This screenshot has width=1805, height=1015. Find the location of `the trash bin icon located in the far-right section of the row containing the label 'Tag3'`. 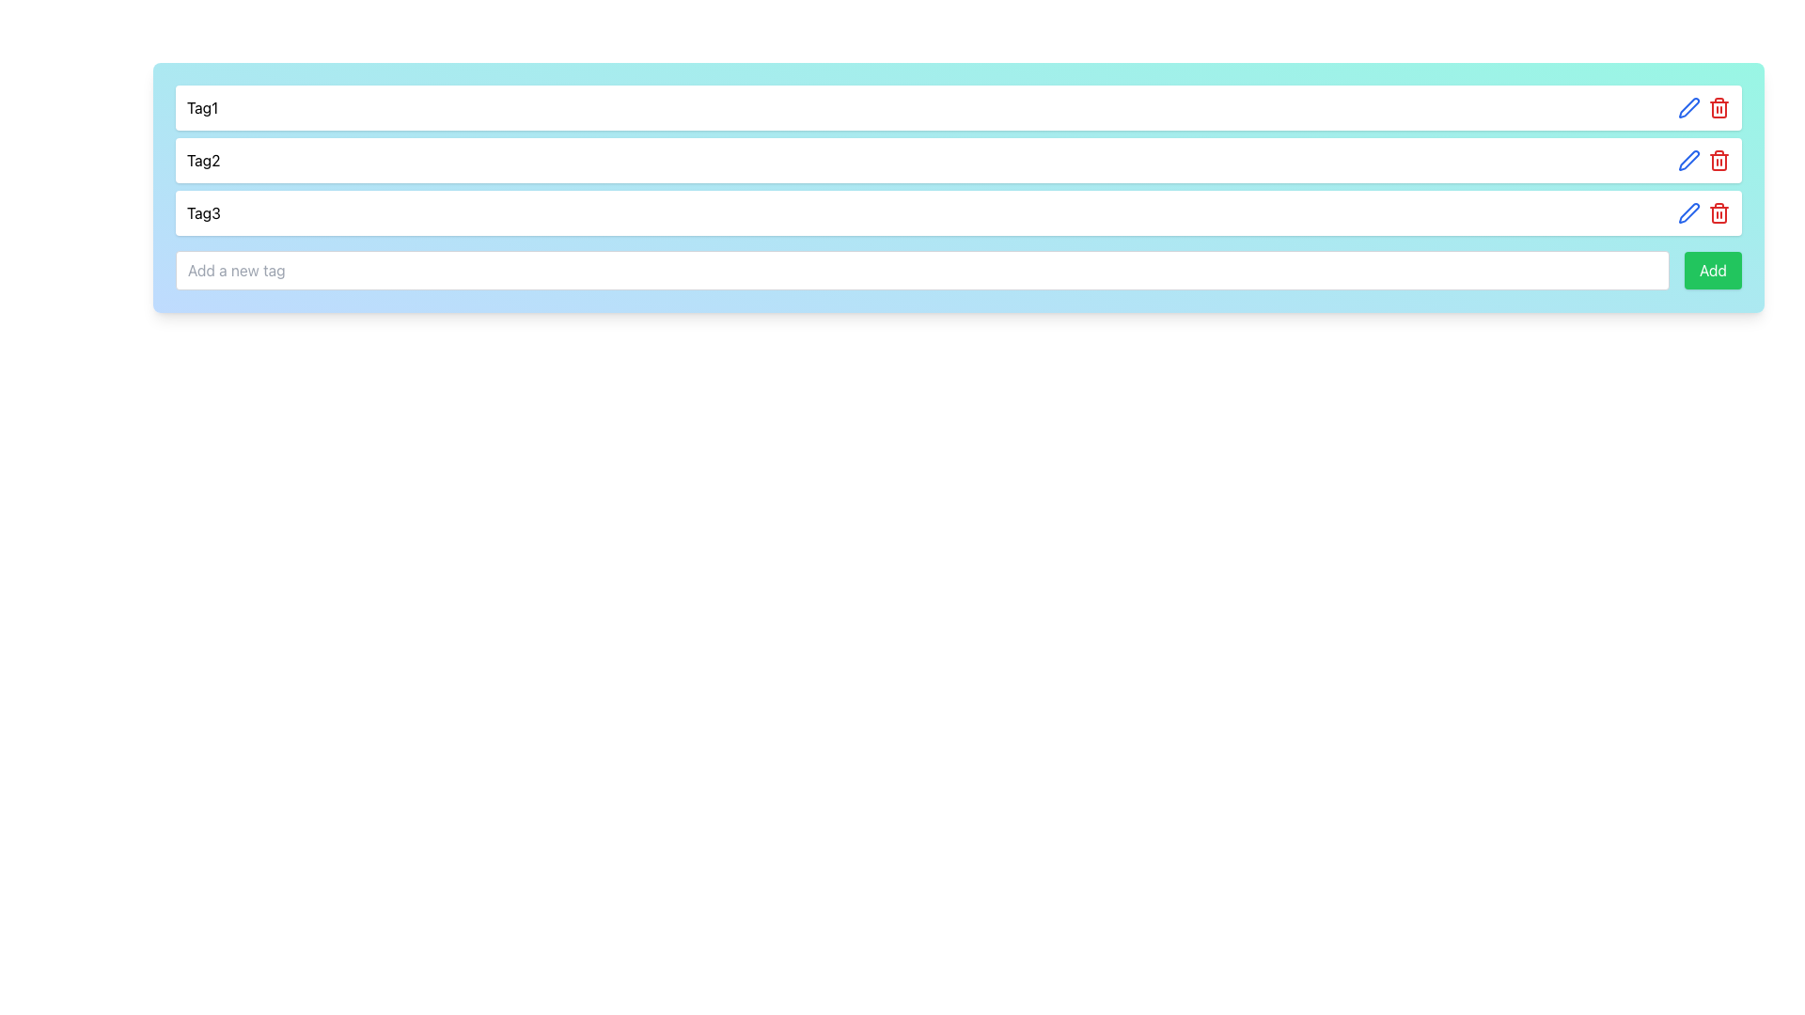

the trash bin icon located in the far-right section of the row containing the label 'Tag3' is located at coordinates (1704, 212).